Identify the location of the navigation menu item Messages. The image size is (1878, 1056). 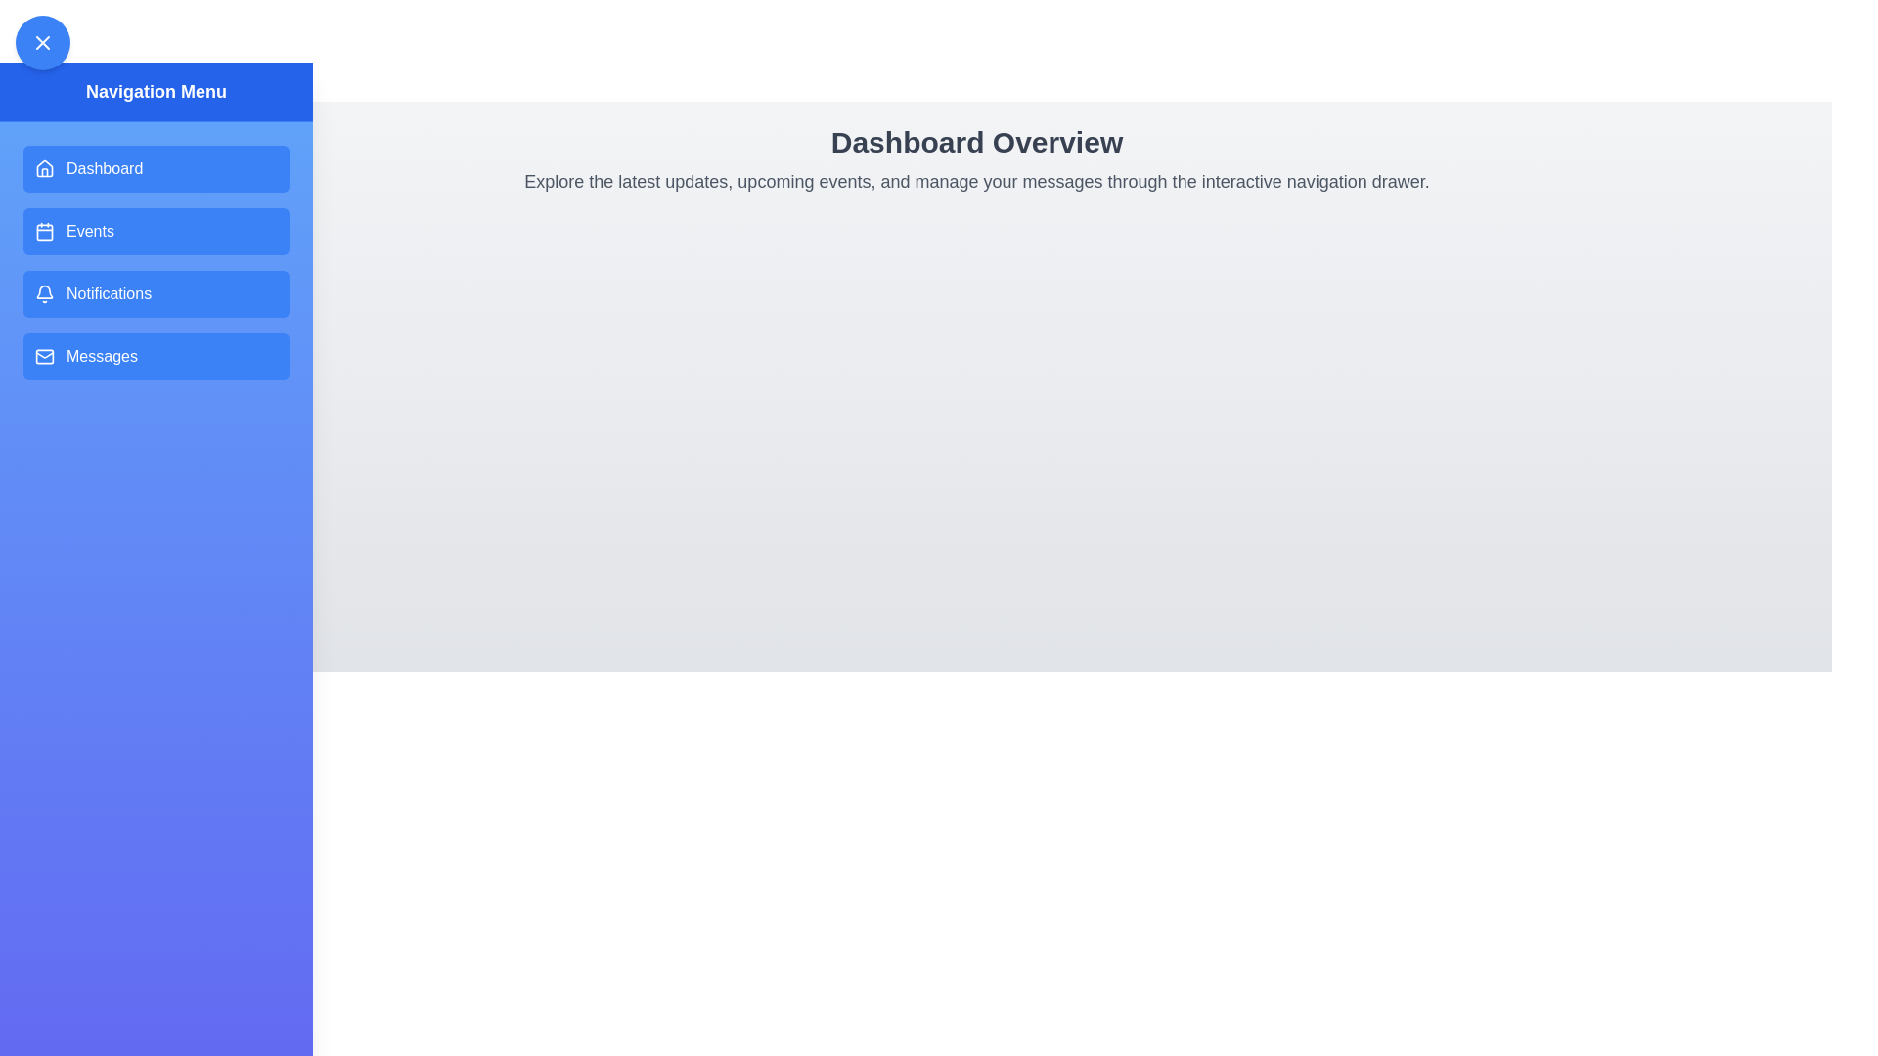
(155, 357).